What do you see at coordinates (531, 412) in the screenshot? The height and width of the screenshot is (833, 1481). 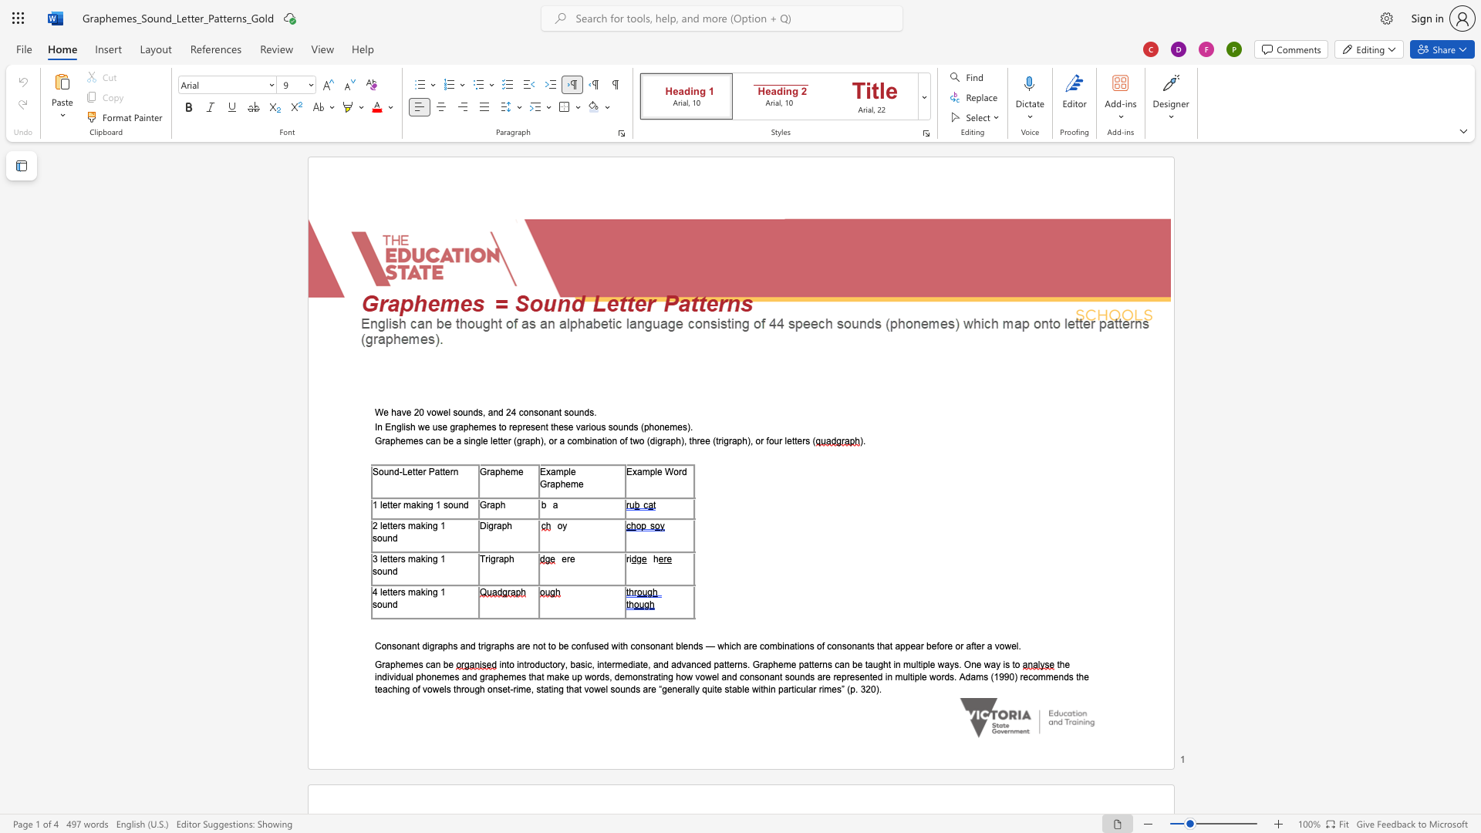 I see `the 3th character "n" in the text` at bounding box center [531, 412].